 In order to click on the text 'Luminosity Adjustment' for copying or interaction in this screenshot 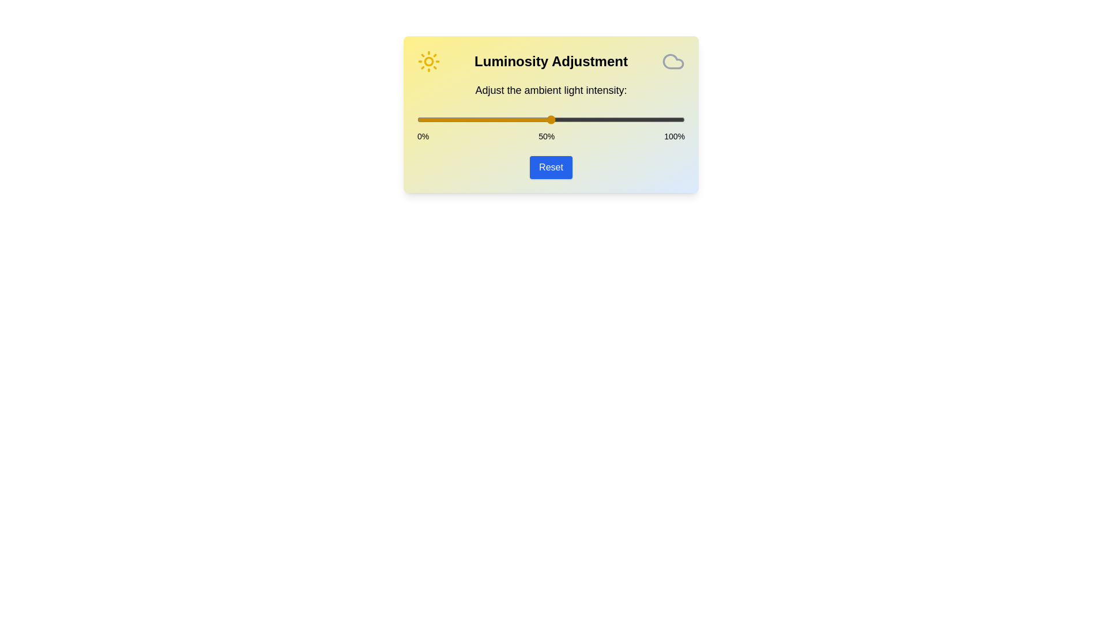, I will do `click(550, 62)`.